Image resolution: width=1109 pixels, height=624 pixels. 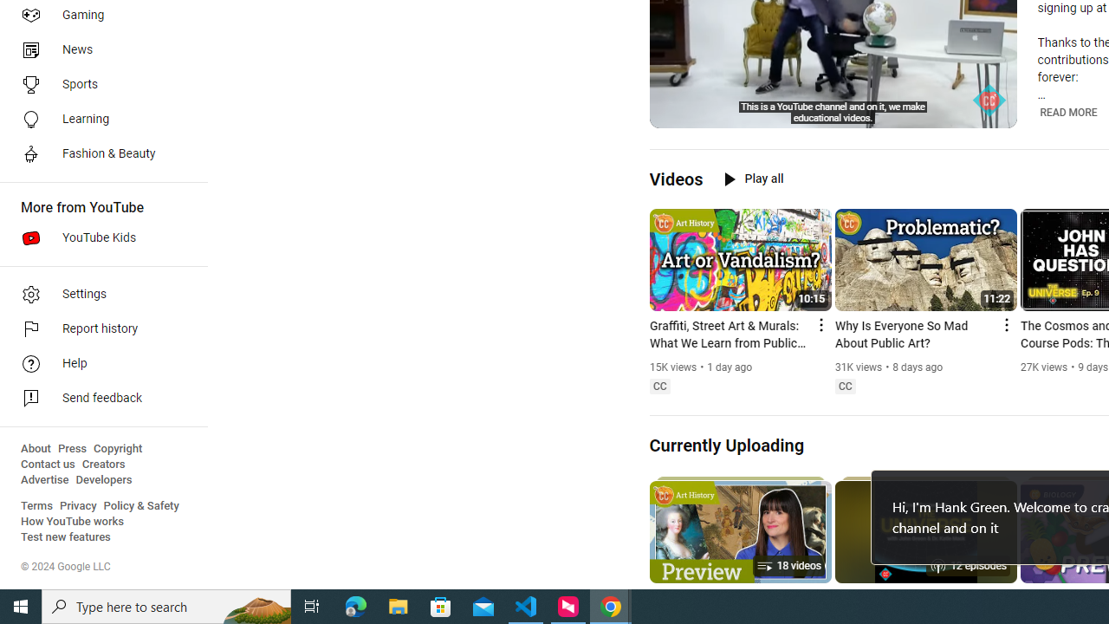 I want to click on 'Videos', so click(x=675, y=179).